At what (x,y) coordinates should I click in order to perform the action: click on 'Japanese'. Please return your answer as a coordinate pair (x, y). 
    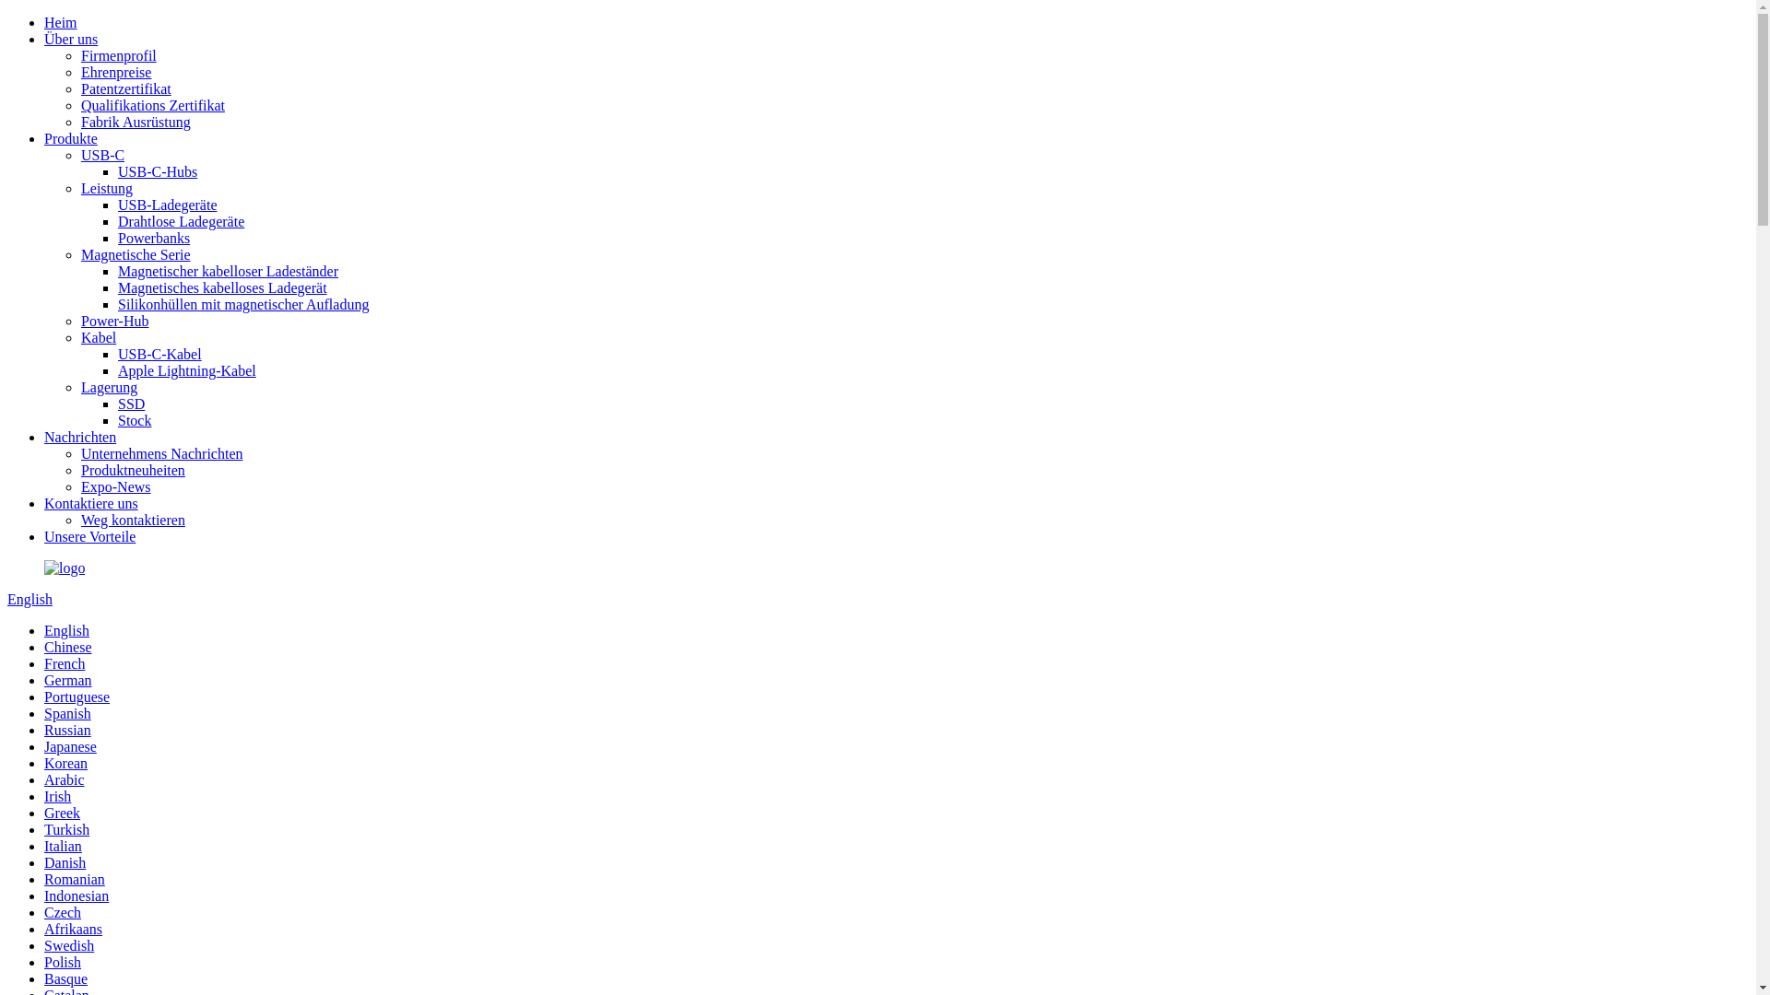
    Looking at the image, I should click on (70, 746).